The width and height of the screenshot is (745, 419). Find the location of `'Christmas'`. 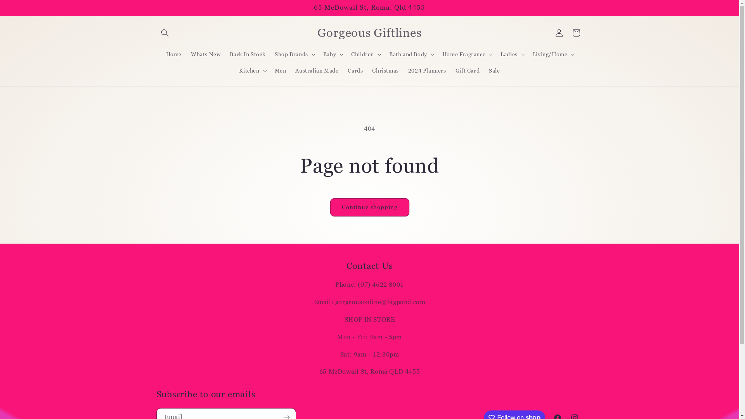

'Christmas' is located at coordinates (385, 70).